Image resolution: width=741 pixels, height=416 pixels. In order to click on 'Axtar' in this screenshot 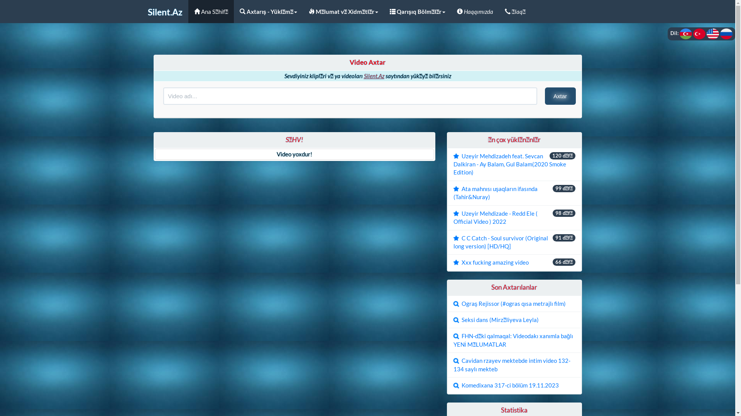, I will do `click(560, 96)`.